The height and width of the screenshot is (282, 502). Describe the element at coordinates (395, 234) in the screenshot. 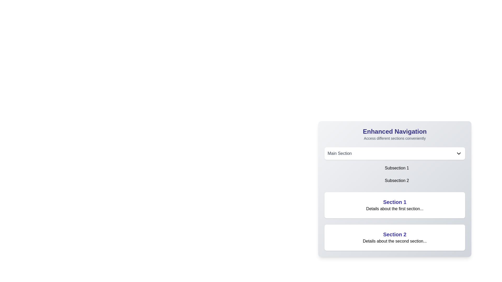

I see `text heading located at the bottom section of the 'Section 2' card, which serves as a title for the associated content` at that location.